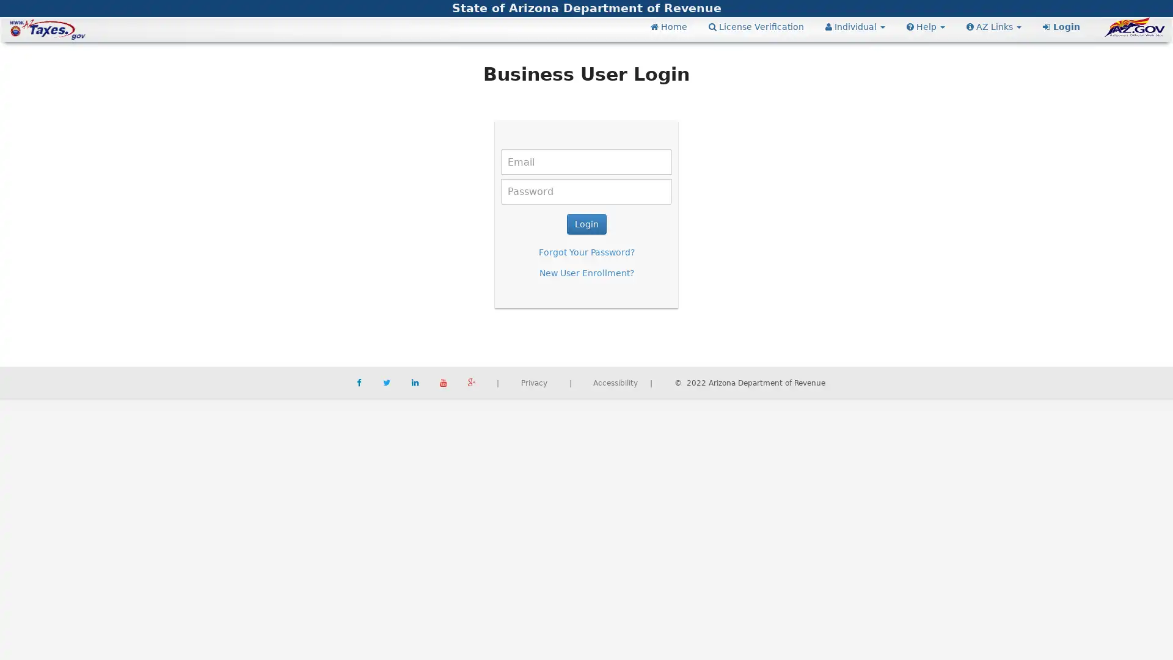 Image resolution: width=1173 pixels, height=660 pixels. Describe the element at coordinates (585, 224) in the screenshot. I see `Login` at that location.